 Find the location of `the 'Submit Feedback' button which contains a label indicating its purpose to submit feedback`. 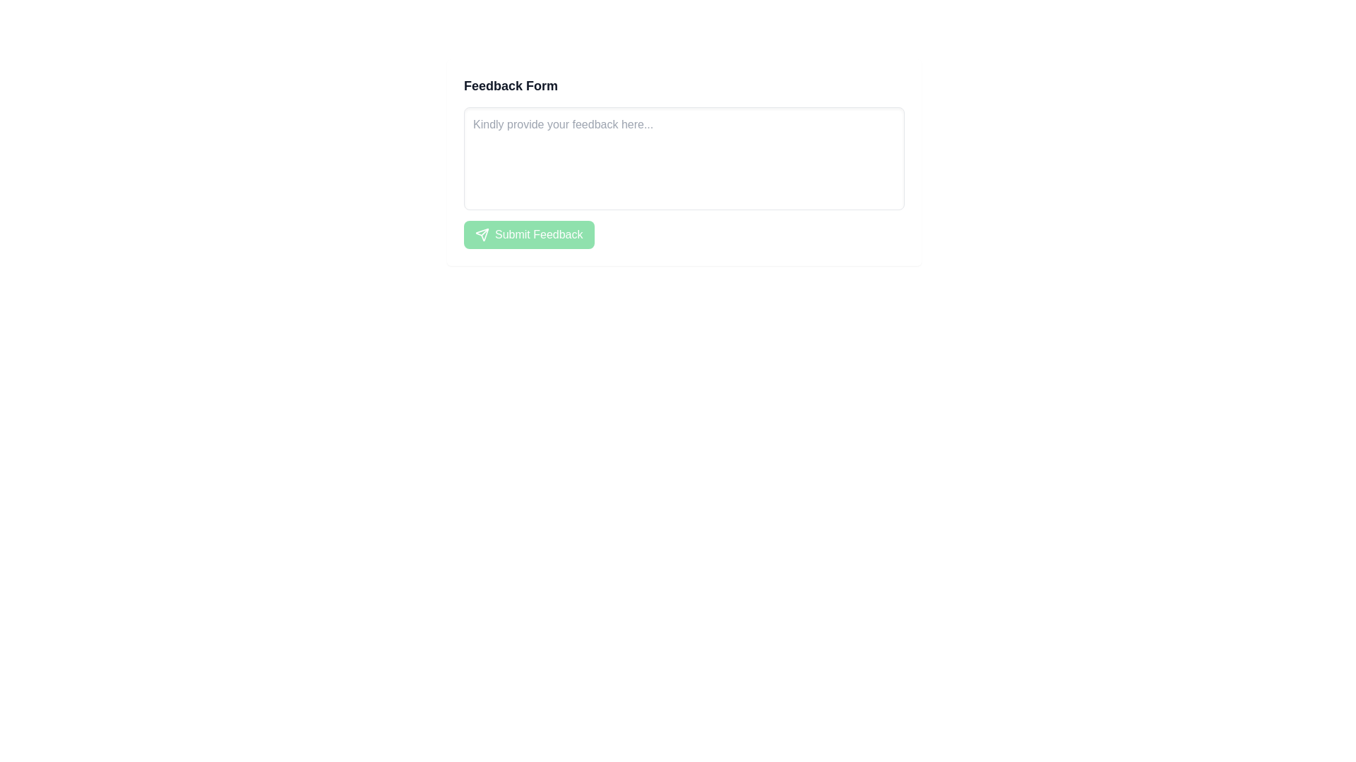

the 'Submit Feedback' button which contains a label indicating its purpose to submit feedback is located at coordinates (538, 234).